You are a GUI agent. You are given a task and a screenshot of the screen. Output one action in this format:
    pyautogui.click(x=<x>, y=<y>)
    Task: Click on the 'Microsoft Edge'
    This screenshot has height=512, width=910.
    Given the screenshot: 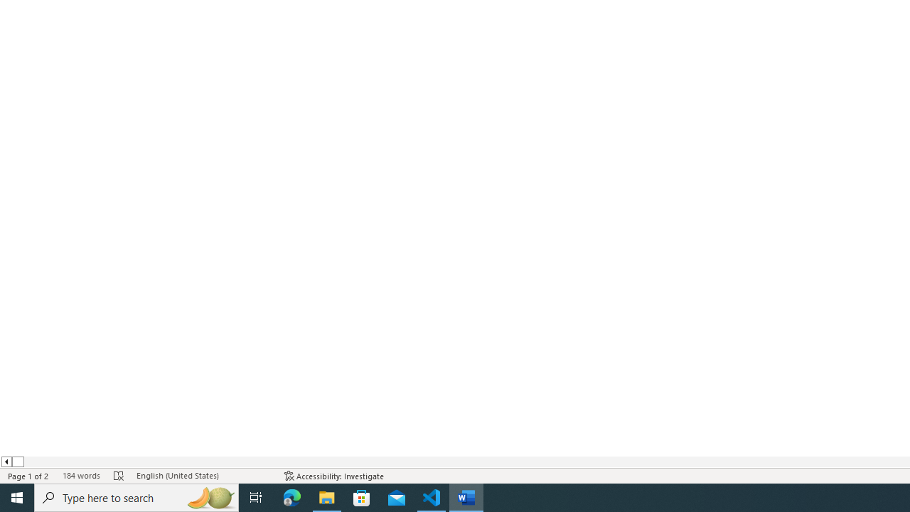 What is the action you would take?
    pyautogui.click(x=291, y=496)
    